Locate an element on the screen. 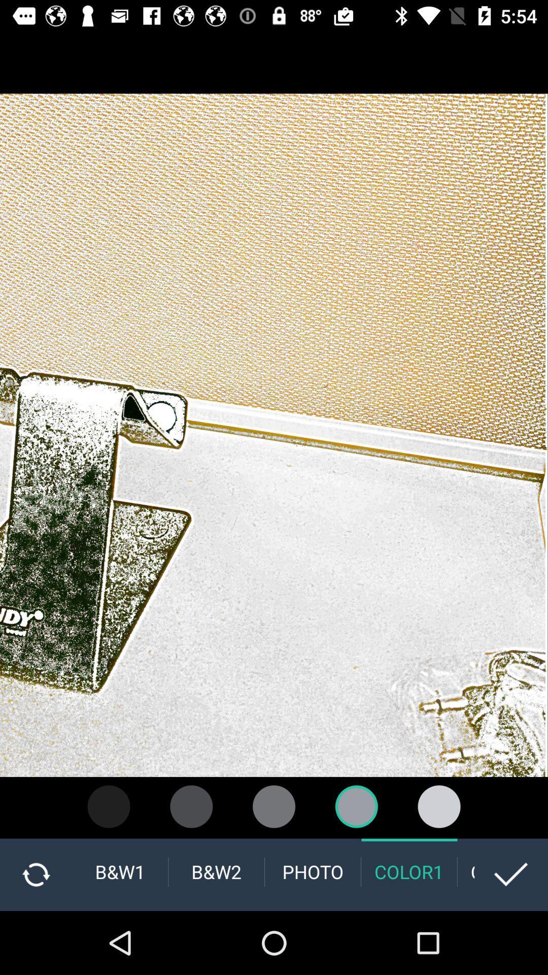  the color1 option is located at coordinates (408, 871).